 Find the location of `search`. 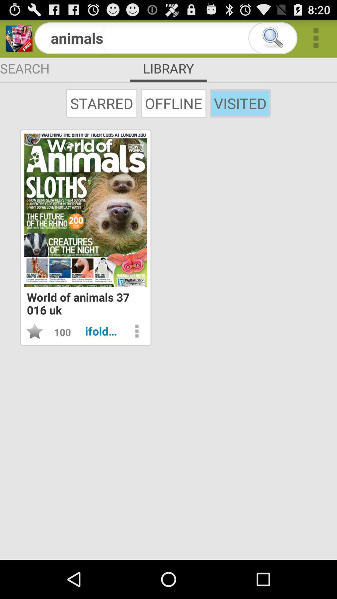

search is located at coordinates (272, 38).